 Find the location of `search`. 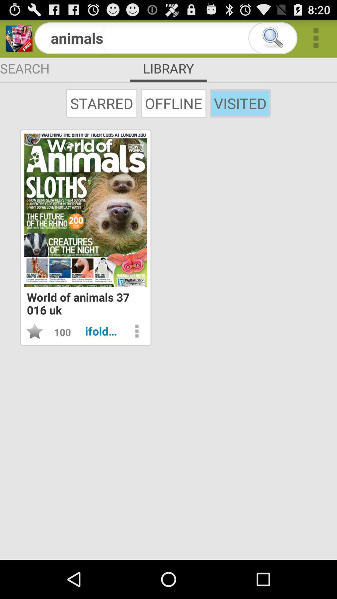

search is located at coordinates (272, 38).